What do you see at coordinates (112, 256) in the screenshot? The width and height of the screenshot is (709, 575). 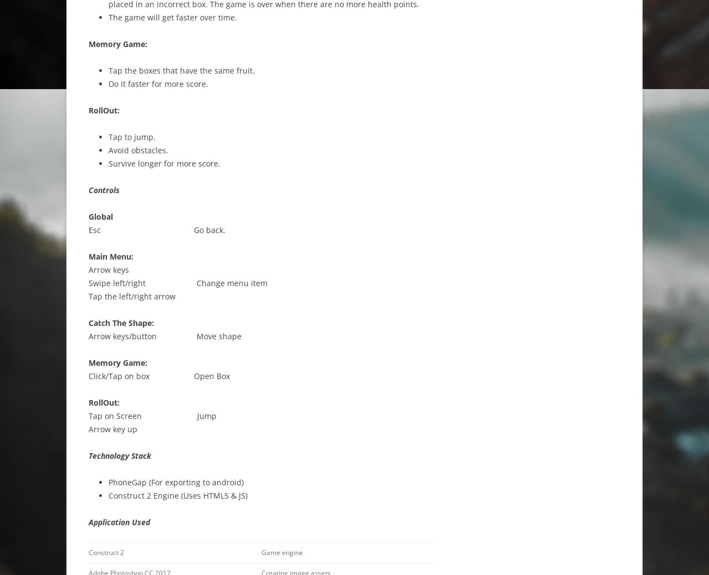 I see `'Main Menu:'` at bounding box center [112, 256].